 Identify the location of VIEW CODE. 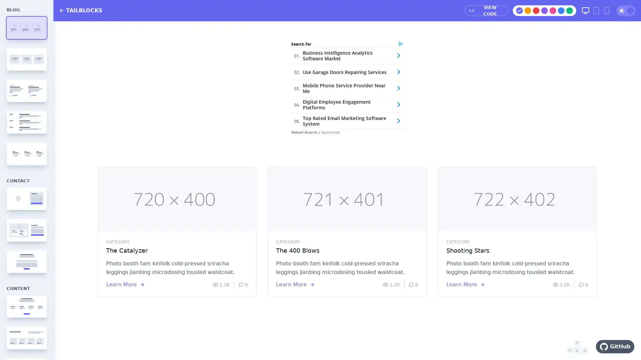
(486, 10).